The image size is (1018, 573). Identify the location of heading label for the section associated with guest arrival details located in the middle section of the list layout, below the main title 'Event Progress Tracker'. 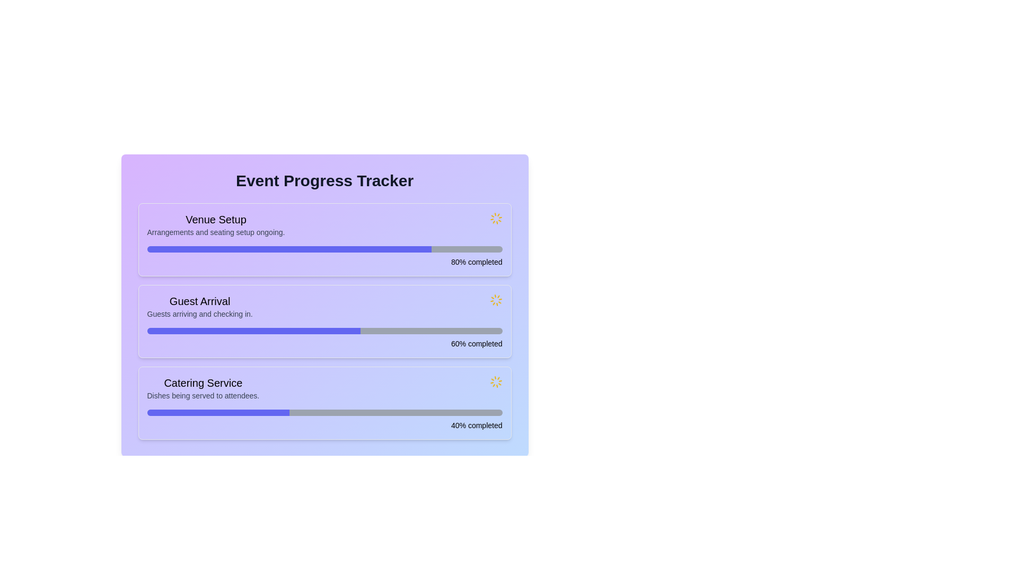
(200, 301).